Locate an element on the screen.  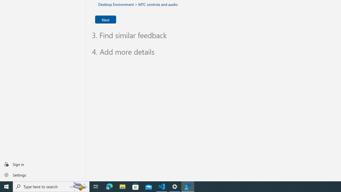
'Microsoft Edge' is located at coordinates (109, 186).